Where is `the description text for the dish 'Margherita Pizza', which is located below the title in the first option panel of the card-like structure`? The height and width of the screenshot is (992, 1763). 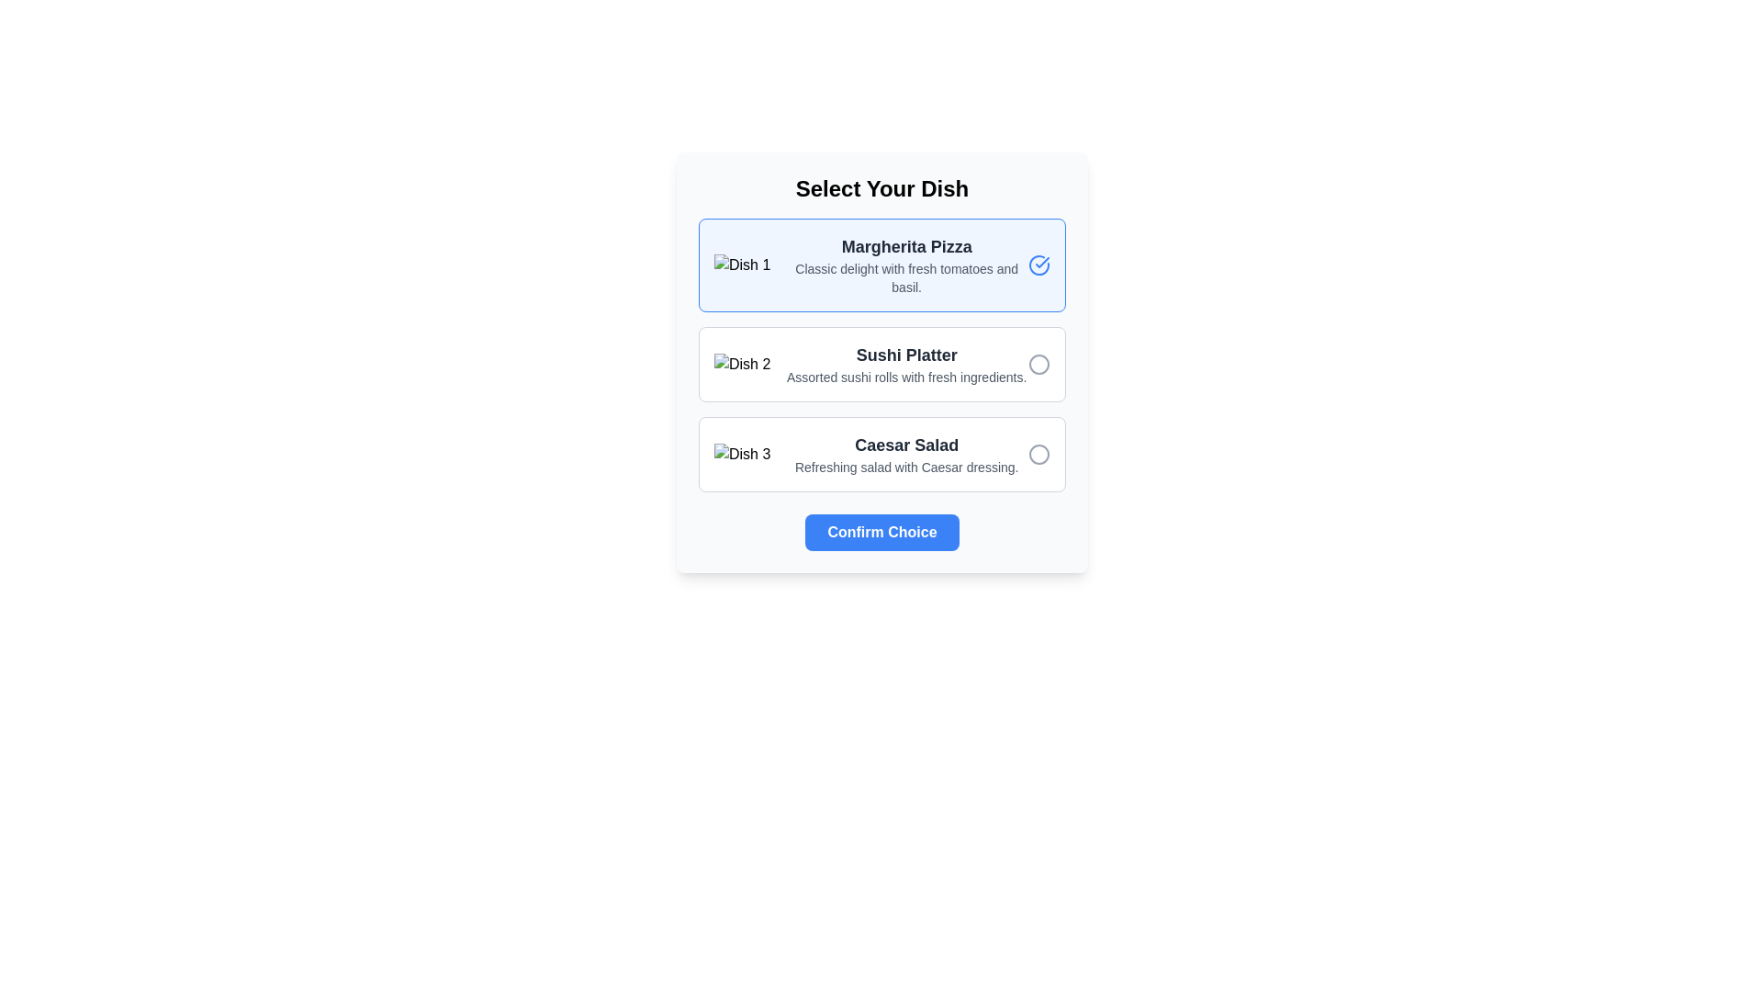
the description text for the dish 'Margherita Pizza', which is located below the title in the first option panel of the card-like structure is located at coordinates (906, 278).